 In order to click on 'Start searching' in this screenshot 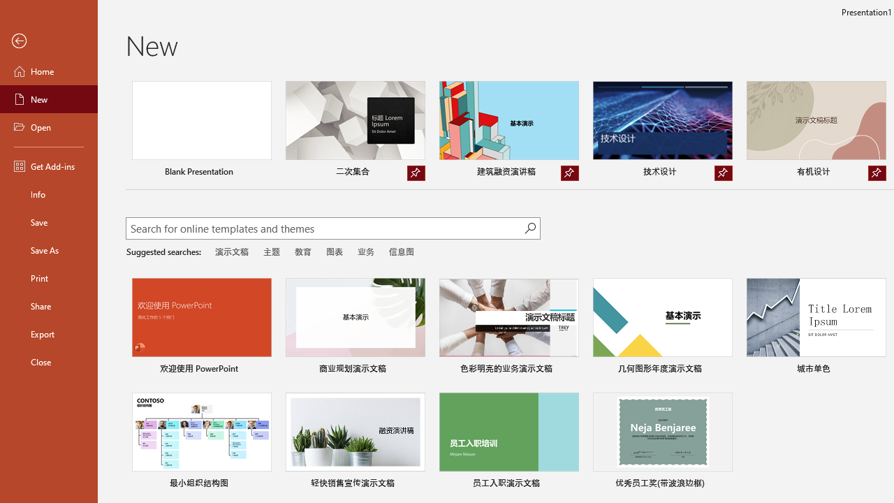, I will do `click(529, 227)`.